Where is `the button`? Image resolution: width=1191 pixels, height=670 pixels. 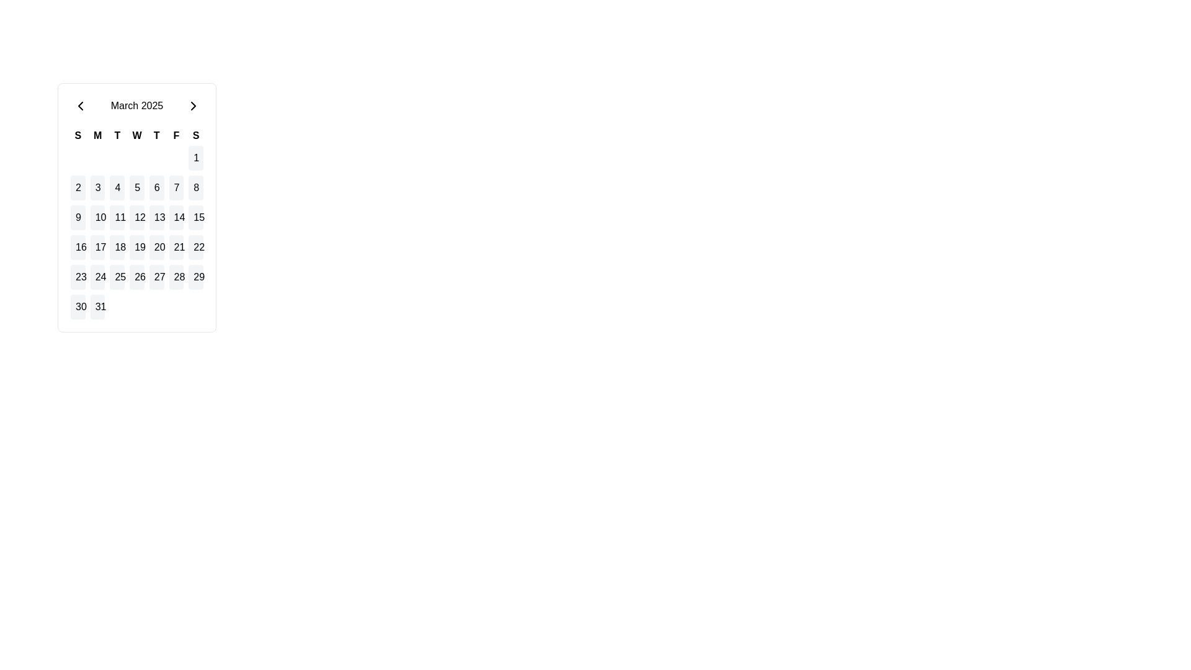 the button is located at coordinates (77, 188).